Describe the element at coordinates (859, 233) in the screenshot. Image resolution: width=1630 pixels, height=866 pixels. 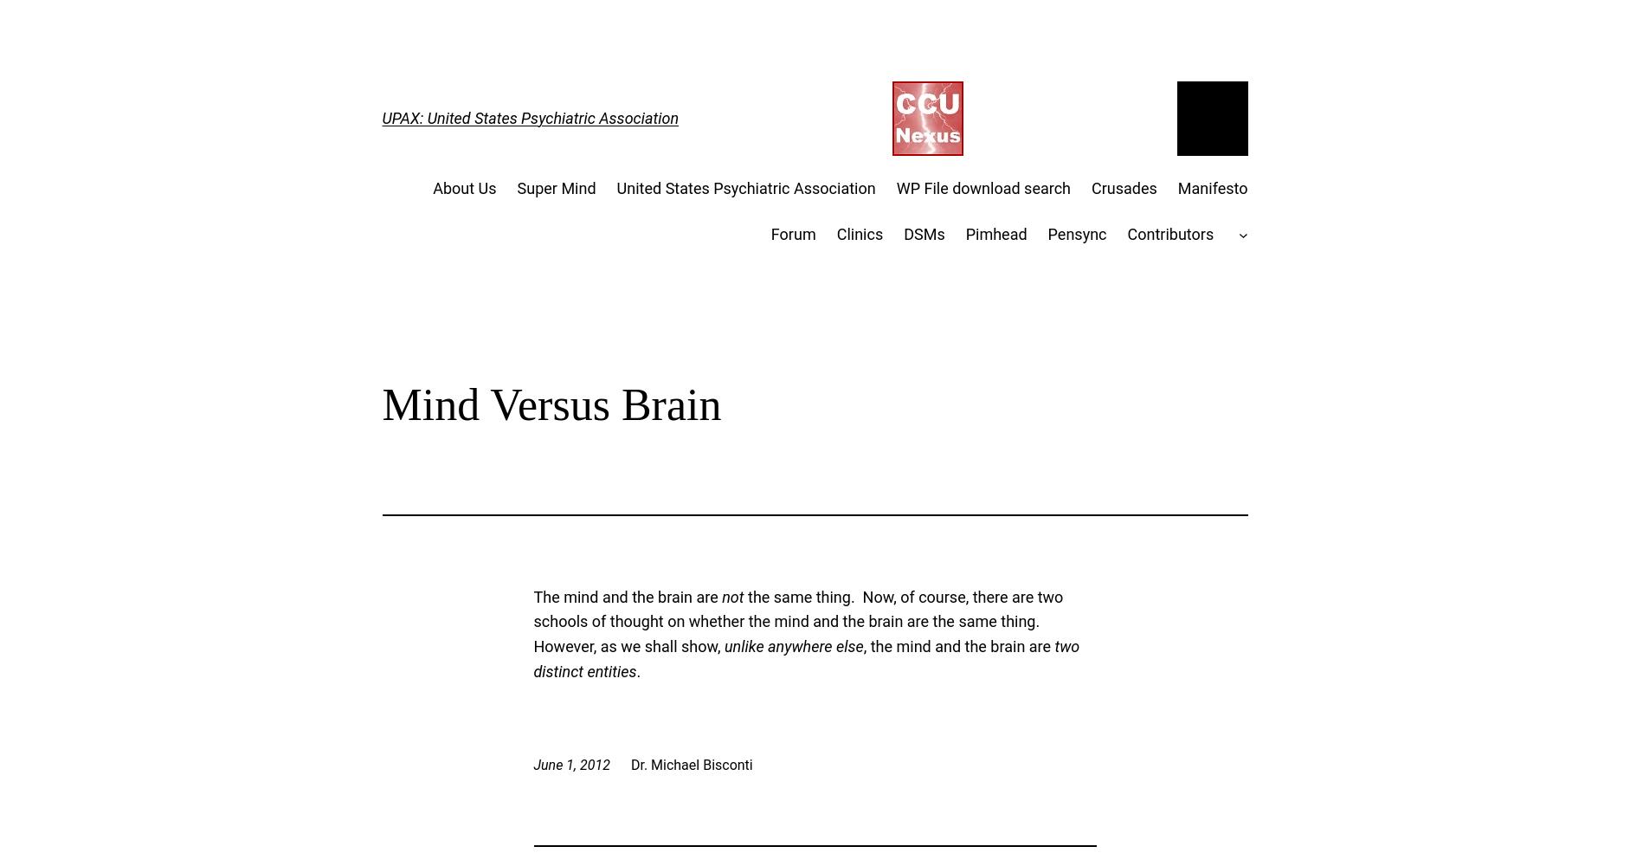
I see `'Clinics'` at that location.